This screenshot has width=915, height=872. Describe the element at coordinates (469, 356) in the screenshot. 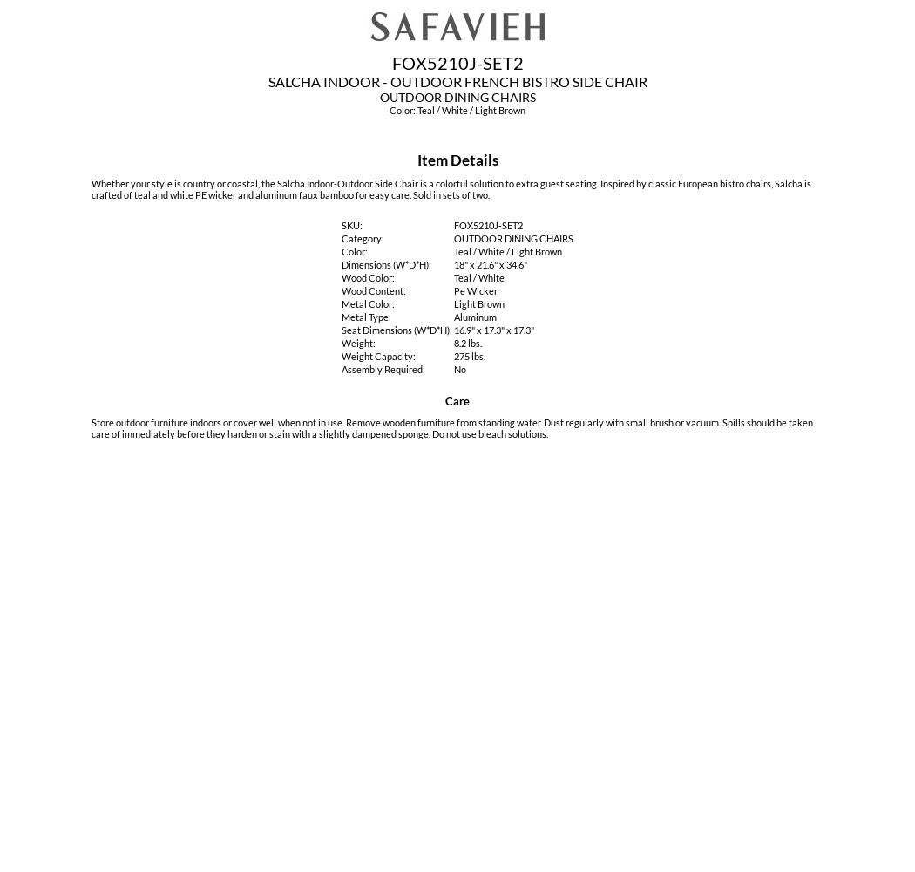

I see `'275 lbs.'` at that location.